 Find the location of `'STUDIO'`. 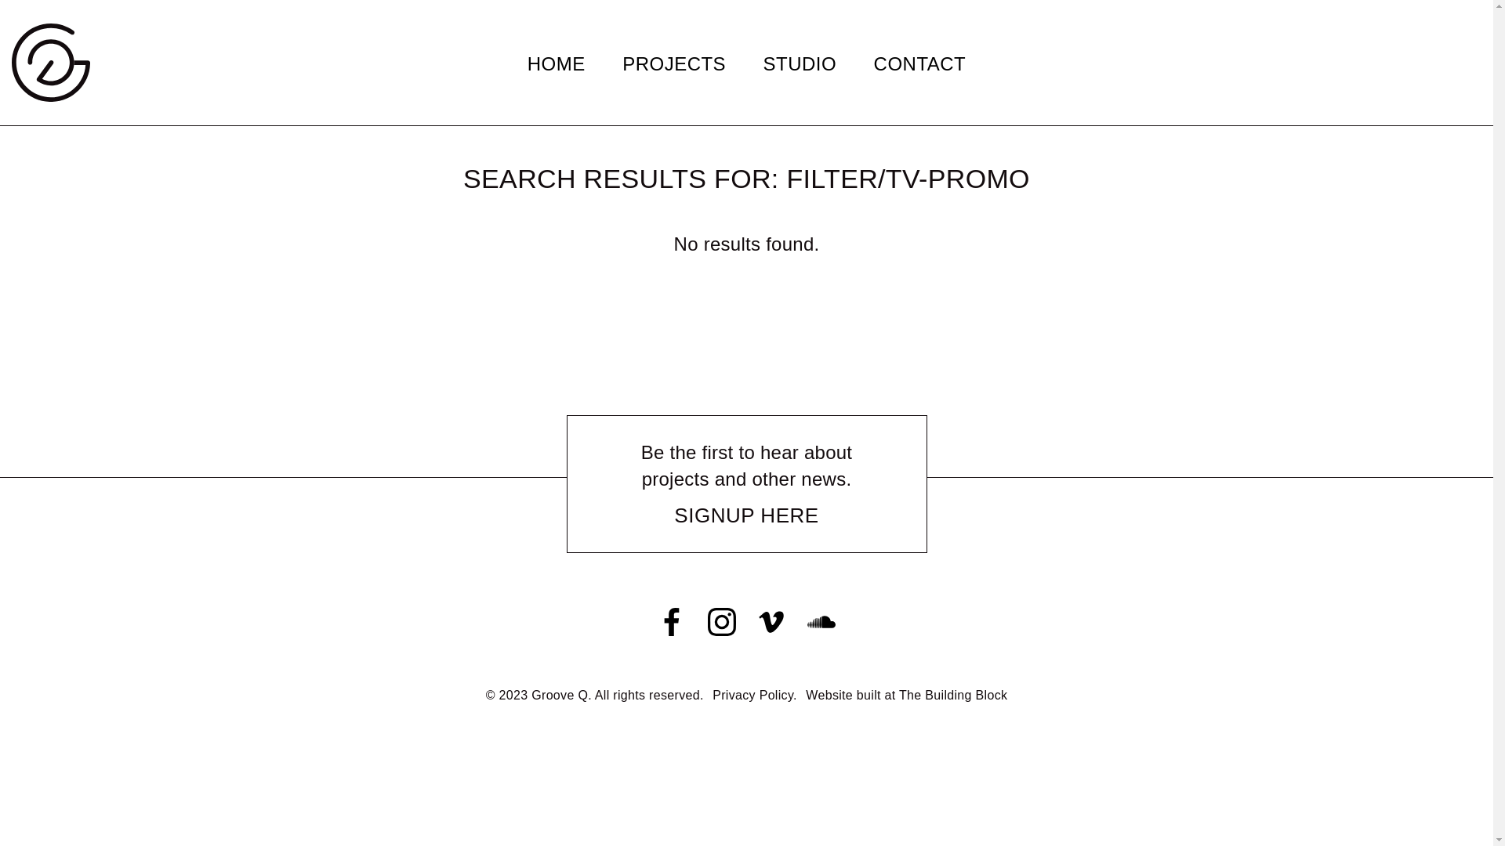

'STUDIO' is located at coordinates (763, 63).